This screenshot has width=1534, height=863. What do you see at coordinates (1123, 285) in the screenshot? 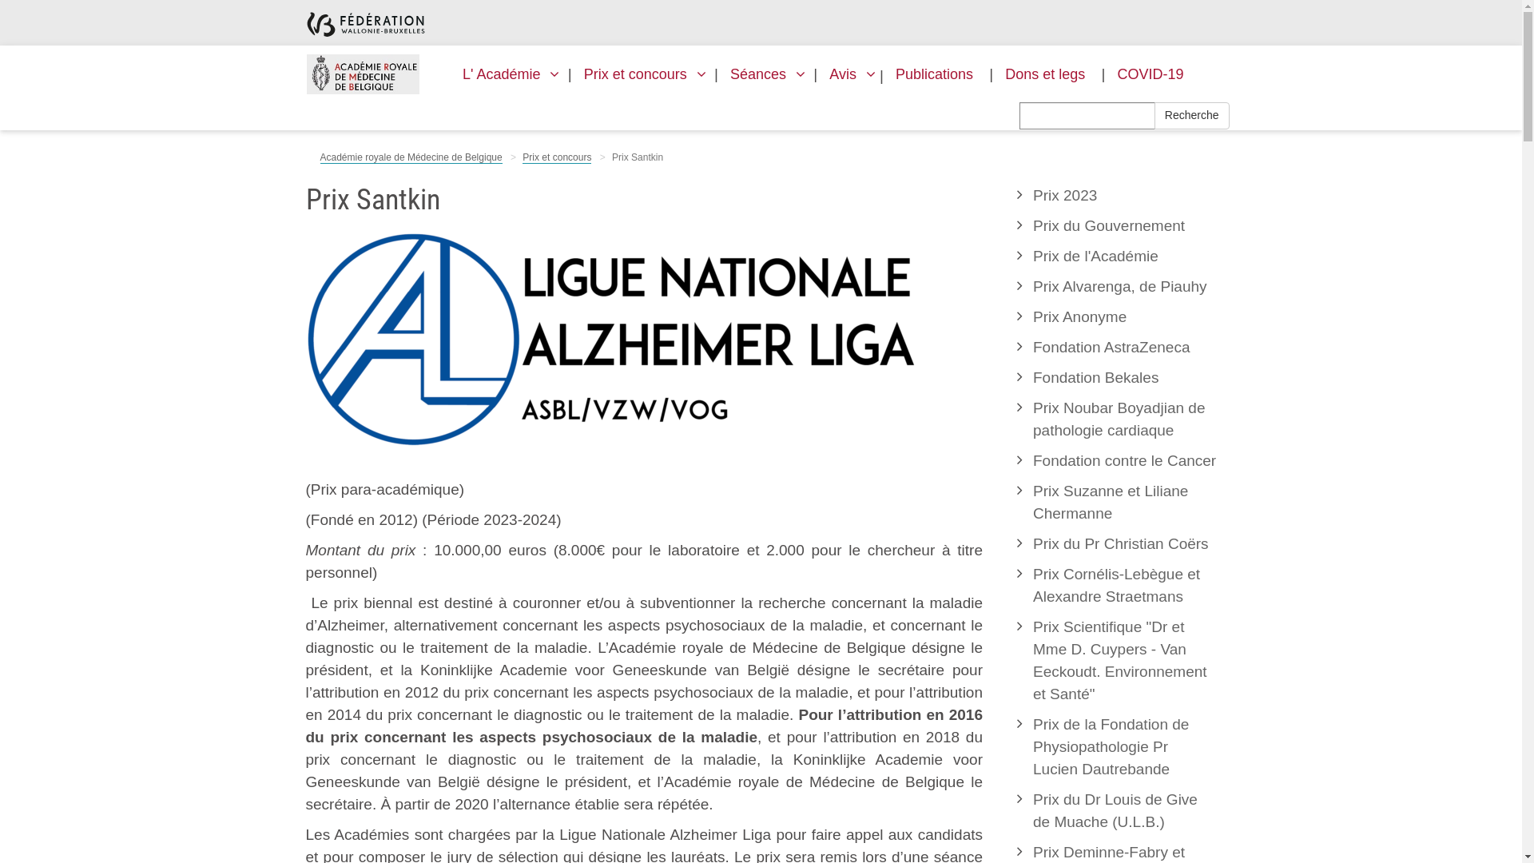
I see `'Prix Alvarenga, de Piauhy'` at bounding box center [1123, 285].